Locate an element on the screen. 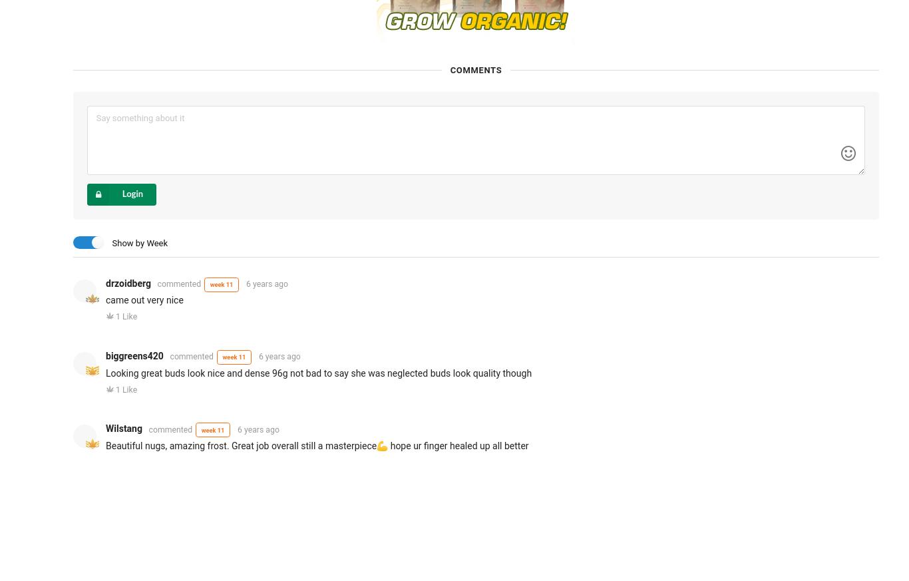 The width and height of the screenshot is (909, 581). 'biggreens420' is located at coordinates (134, 355).